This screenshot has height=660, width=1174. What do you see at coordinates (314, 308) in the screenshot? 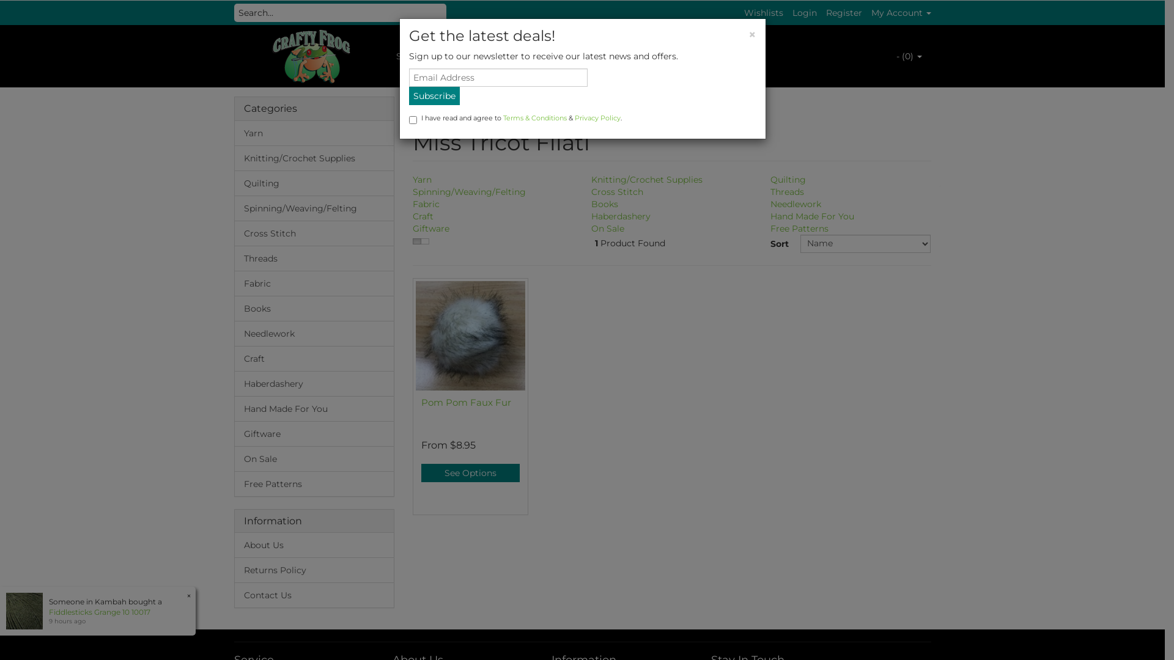
I see `'Books'` at bounding box center [314, 308].